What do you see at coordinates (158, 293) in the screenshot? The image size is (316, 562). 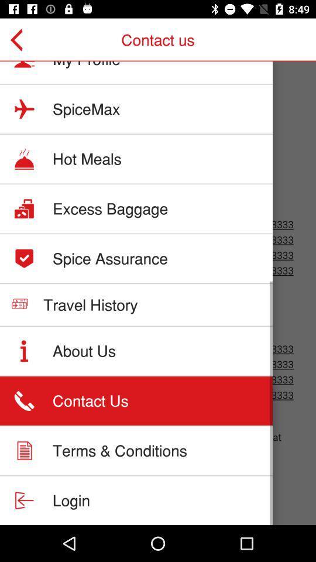 I see `contact support` at bounding box center [158, 293].